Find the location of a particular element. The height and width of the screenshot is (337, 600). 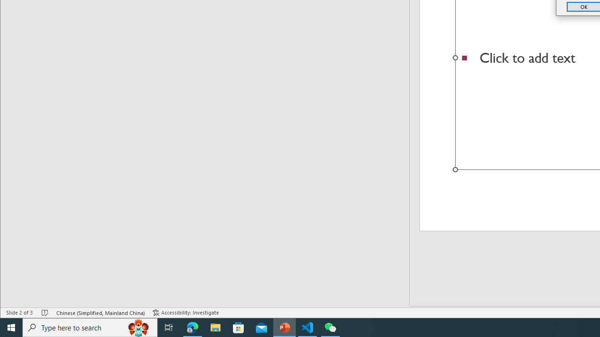

'Microsoft Edge - 1 running window' is located at coordinates (192, 327).